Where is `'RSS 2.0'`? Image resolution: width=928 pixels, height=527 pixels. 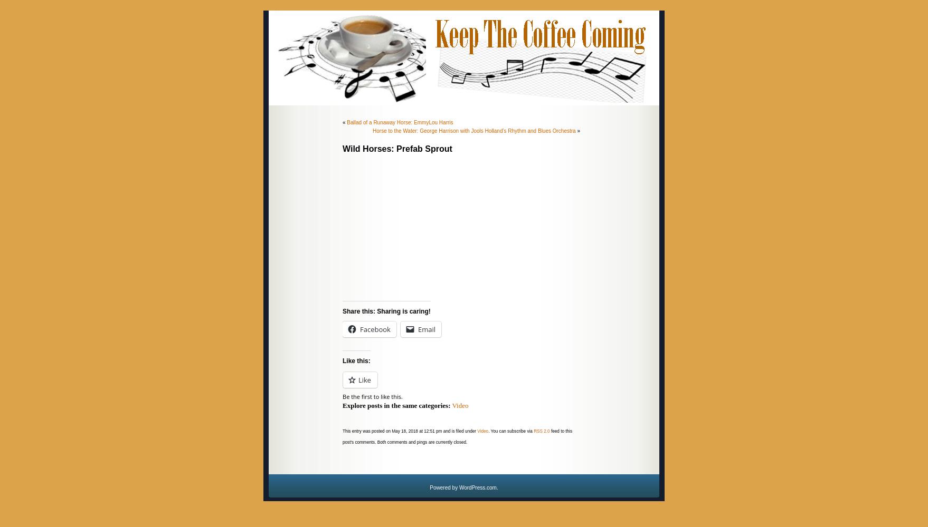 'RSS 2.0' is located at coordinates (534, 431).